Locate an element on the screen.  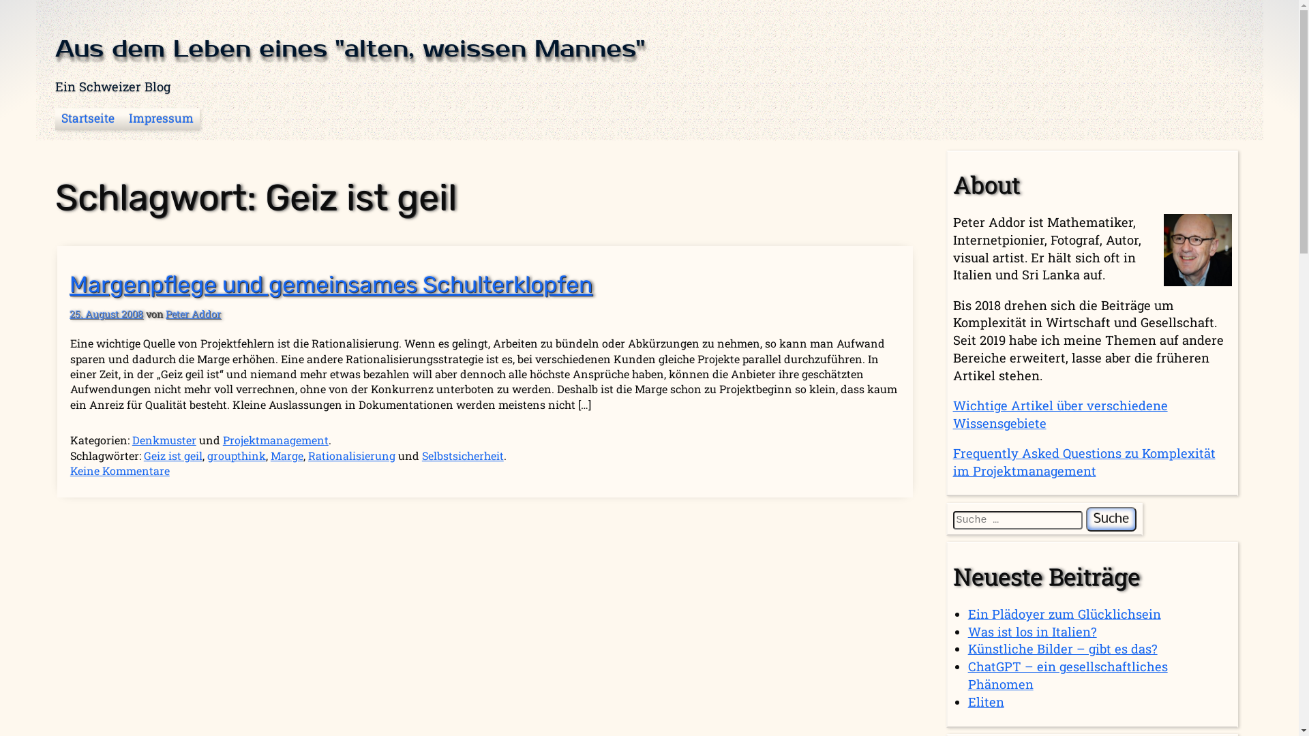
'Peter Addor' is located at coordinates (192, 313).